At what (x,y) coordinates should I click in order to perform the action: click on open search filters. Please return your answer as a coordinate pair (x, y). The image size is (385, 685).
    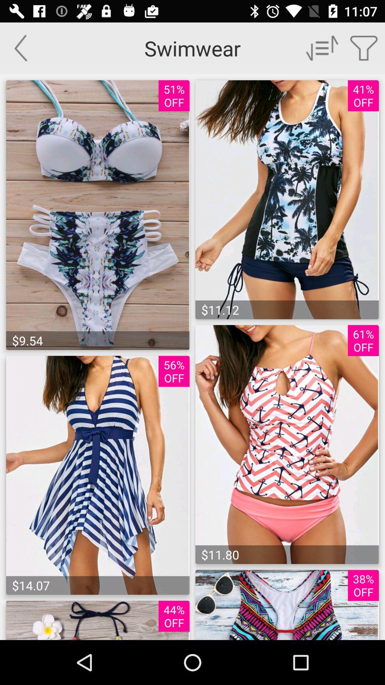
    Looking at the image, I should click on (364, 47).